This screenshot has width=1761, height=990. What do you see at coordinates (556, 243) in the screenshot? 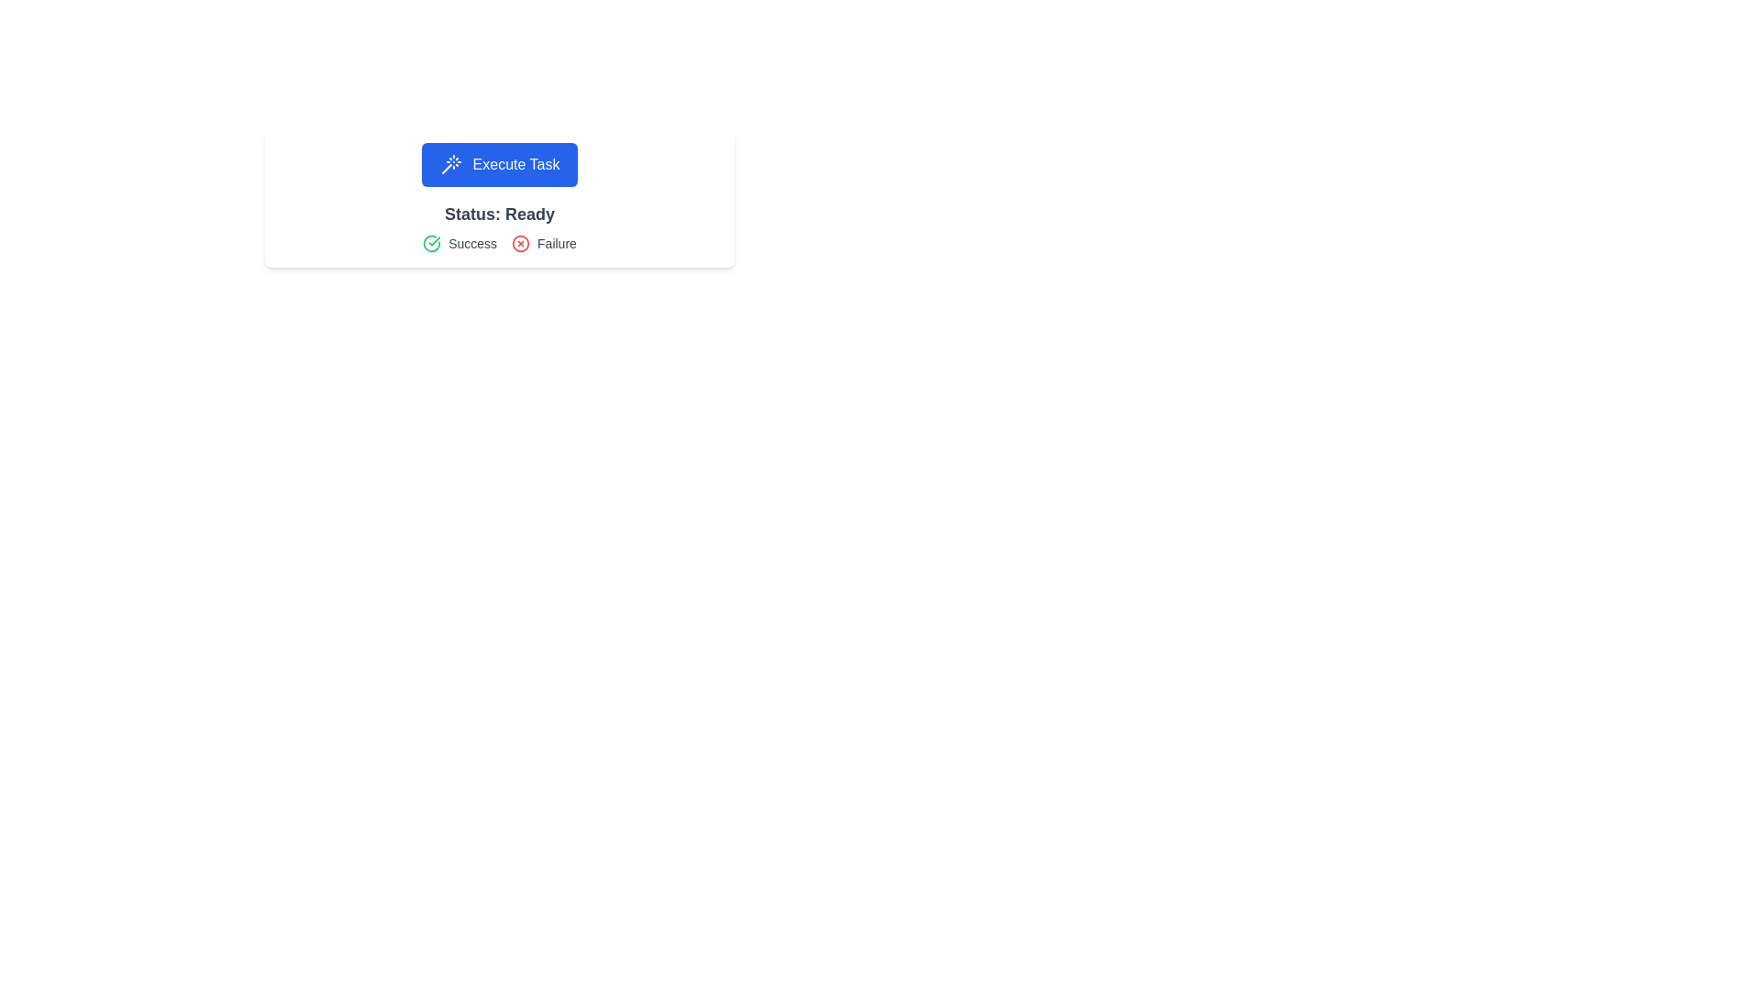
I see `the TextLabel displaying 'Failure', which is styled with a small font size and gray coloring, located to the right of a circular red icon with a cross in the bottom section of the interface` at bounding box center [556, 243].